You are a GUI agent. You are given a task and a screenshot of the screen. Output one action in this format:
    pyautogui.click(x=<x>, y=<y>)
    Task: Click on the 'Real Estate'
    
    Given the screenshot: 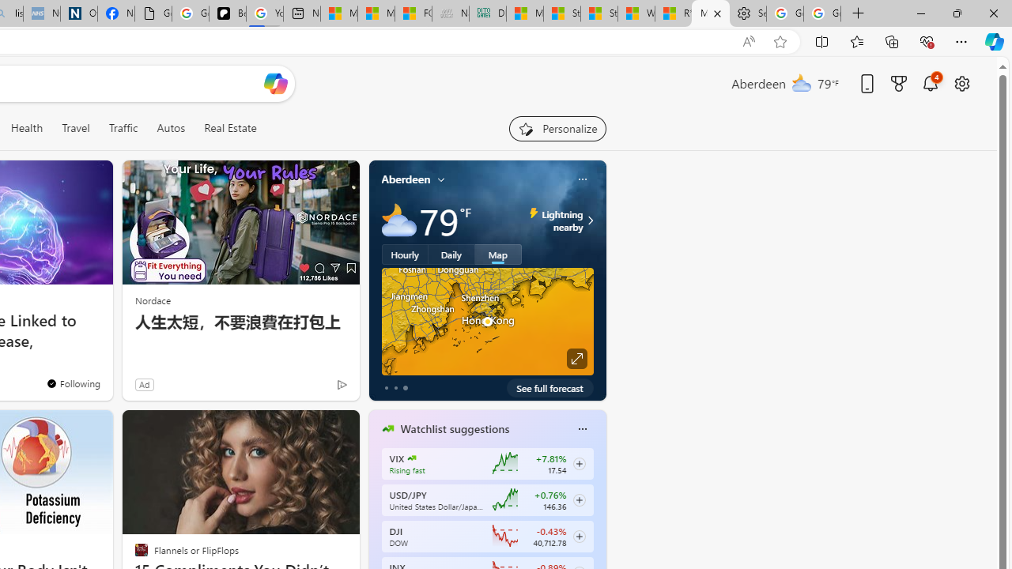 What is the action you would take?
    pyautogui.click(x=229, y=127)
    